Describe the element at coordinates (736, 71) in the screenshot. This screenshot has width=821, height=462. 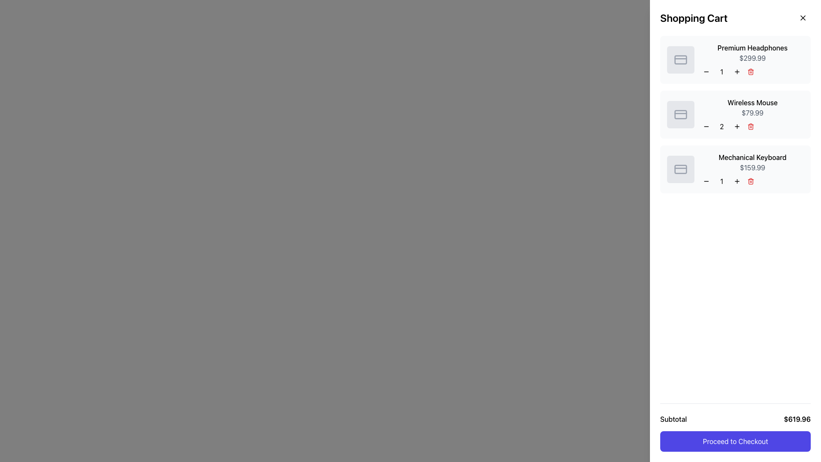
I see `the icon button located to the right of the quantity indicator for 'Premium Headphones' in the cart list to increase the quantity` at that location.